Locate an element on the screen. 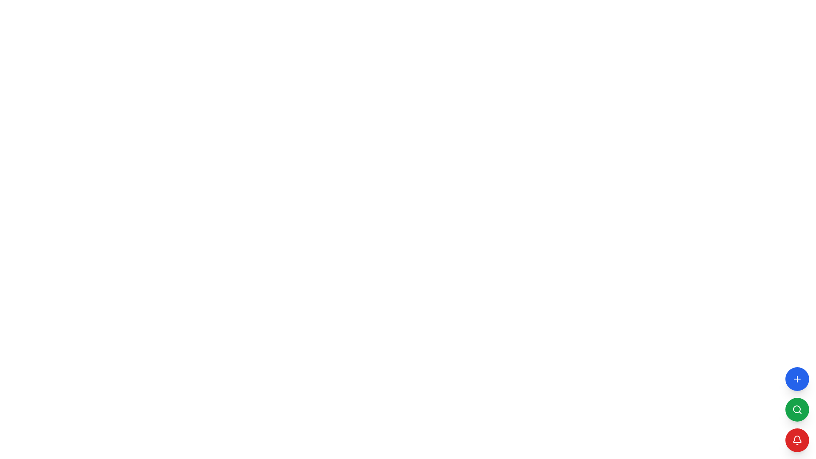  the first circular SVG element that is part of a magnifying glass icon, located near the lens area of the icon is located at coordinates (796, 409).